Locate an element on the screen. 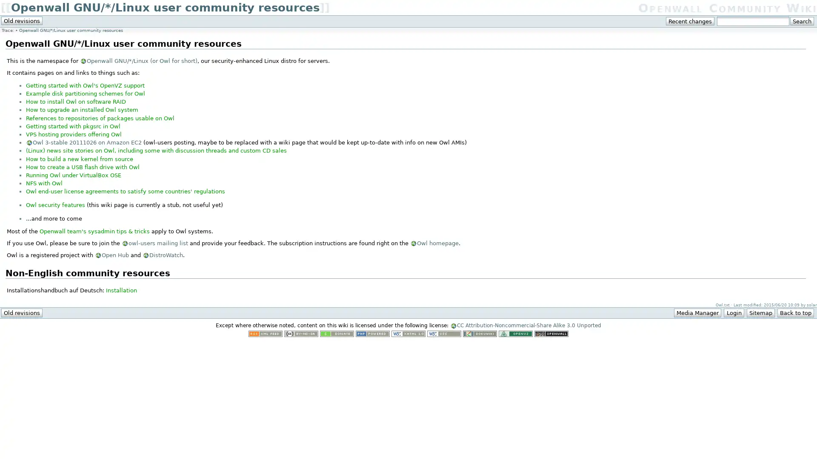 The width and height of the screenshot is (817, 459). Recent changes is located at coordinates (690, 21).